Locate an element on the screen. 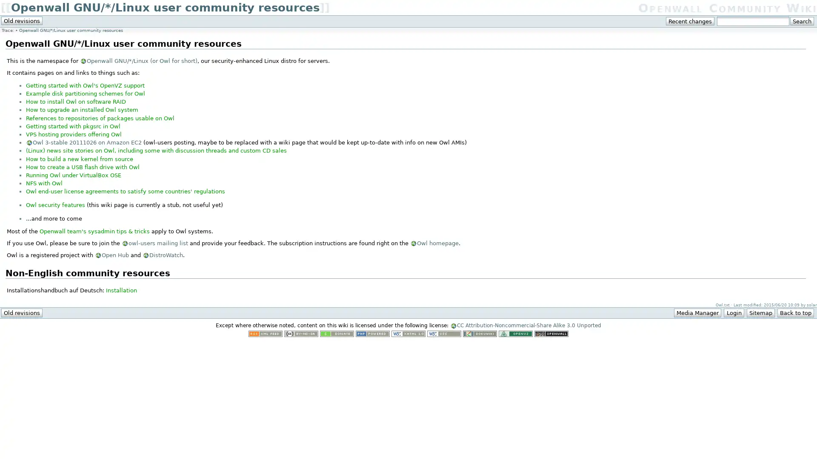 The width and height of the screenshot is (817, 459). Recent changes is located at coordinates (690, 21).